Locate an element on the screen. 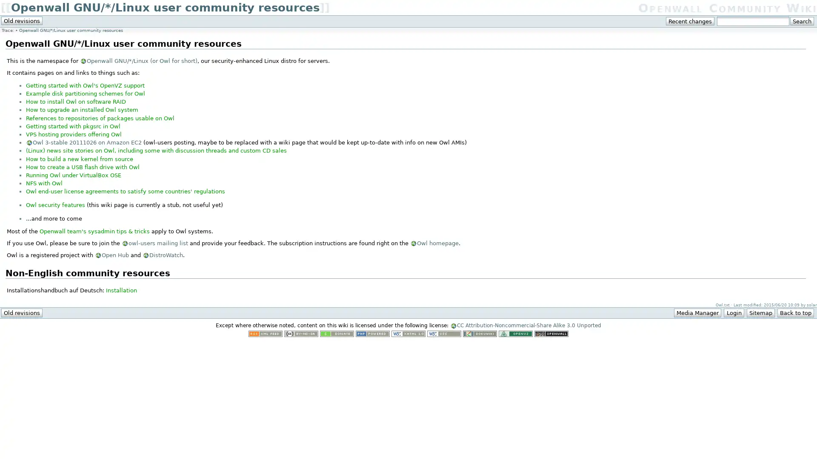 The width and height of the screenshot is (817, 459). Recent changes is located at coordinates (690, 21).